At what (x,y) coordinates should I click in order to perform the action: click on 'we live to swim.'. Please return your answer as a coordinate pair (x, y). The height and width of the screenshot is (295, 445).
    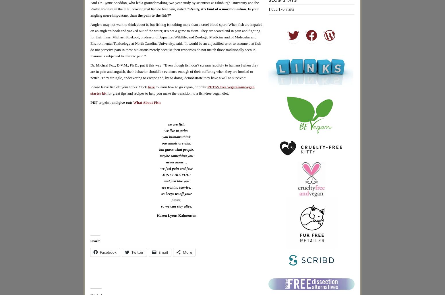
    Looking at the image, I should click on (176, 130).